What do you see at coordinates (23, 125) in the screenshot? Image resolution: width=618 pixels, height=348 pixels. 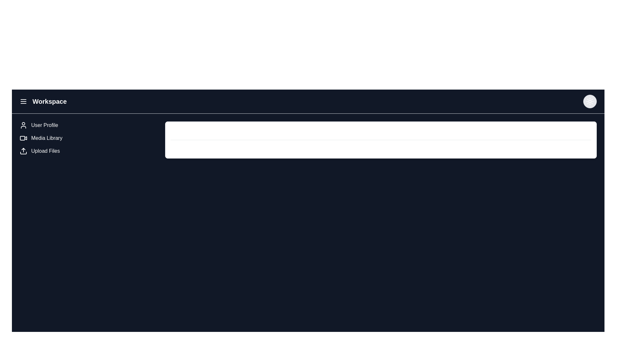 I see `the user profile icon located in the left sidebar, which resembles a user silhouette and is the first element in the menu list` at bounding box center [23, 125].